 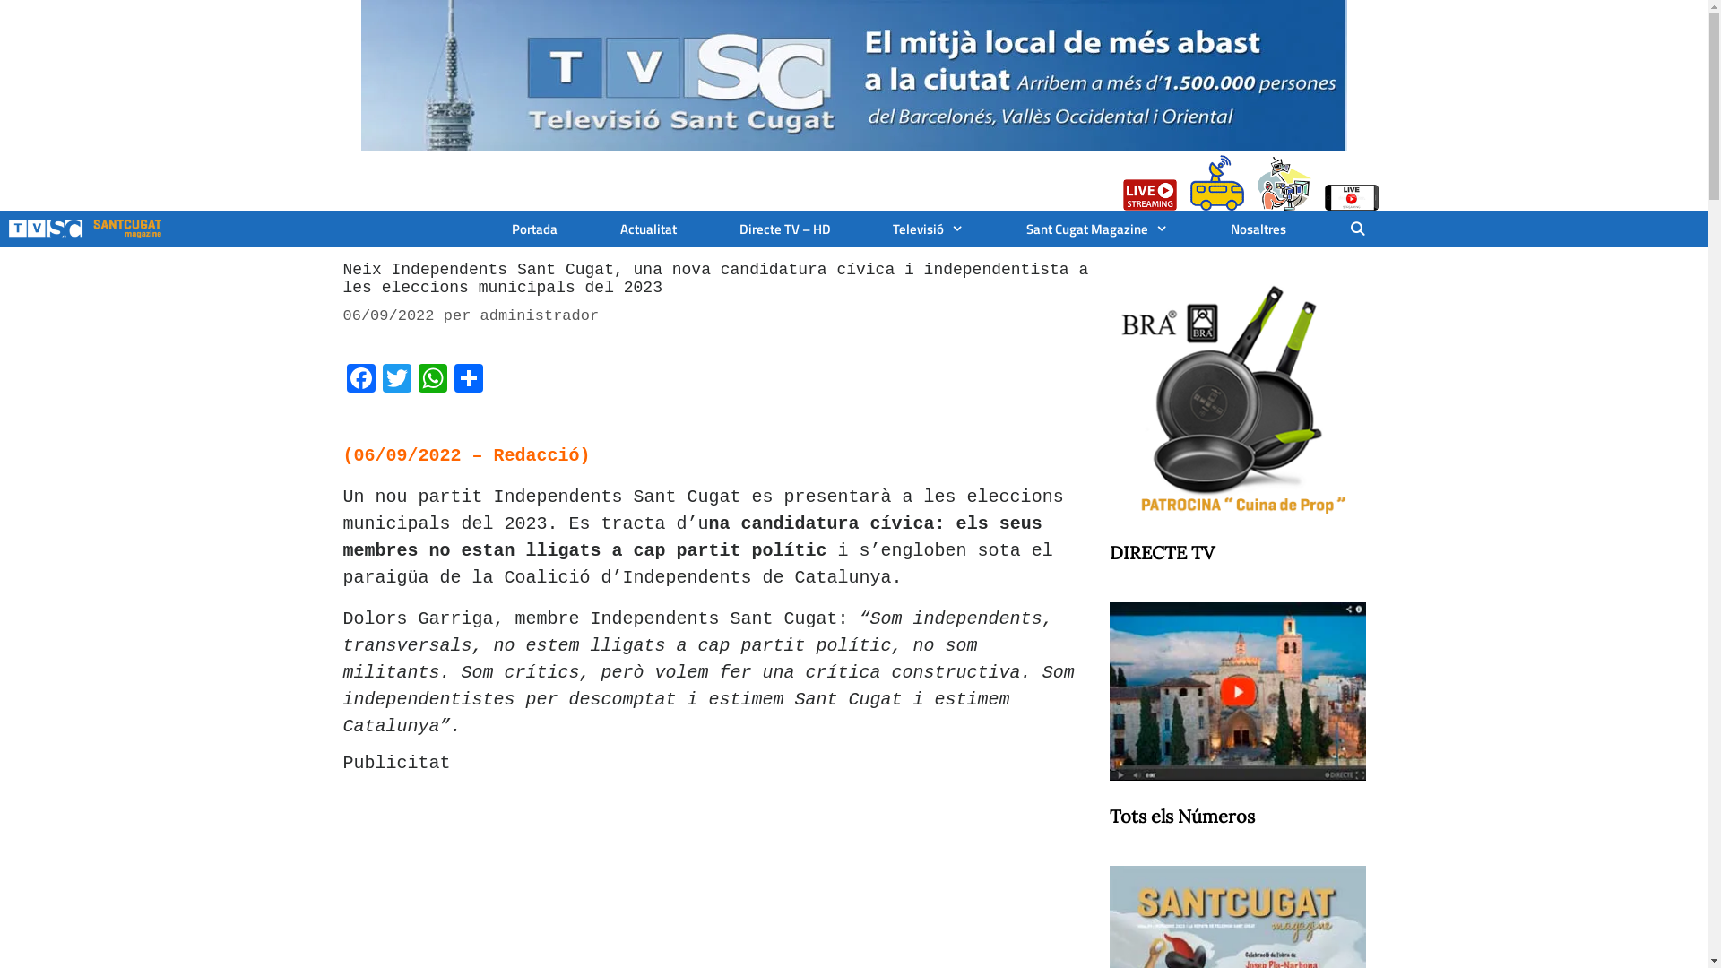 I want to click on 'WhatsApp', so click(x=431, y=380).